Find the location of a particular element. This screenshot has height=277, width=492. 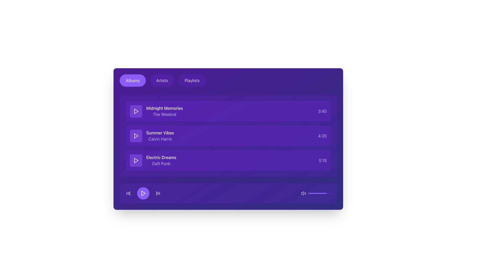

the 'Summer Vibes' text label, which is displayed in a bold white font on a dark purple background is located at coordinates (160, 135).